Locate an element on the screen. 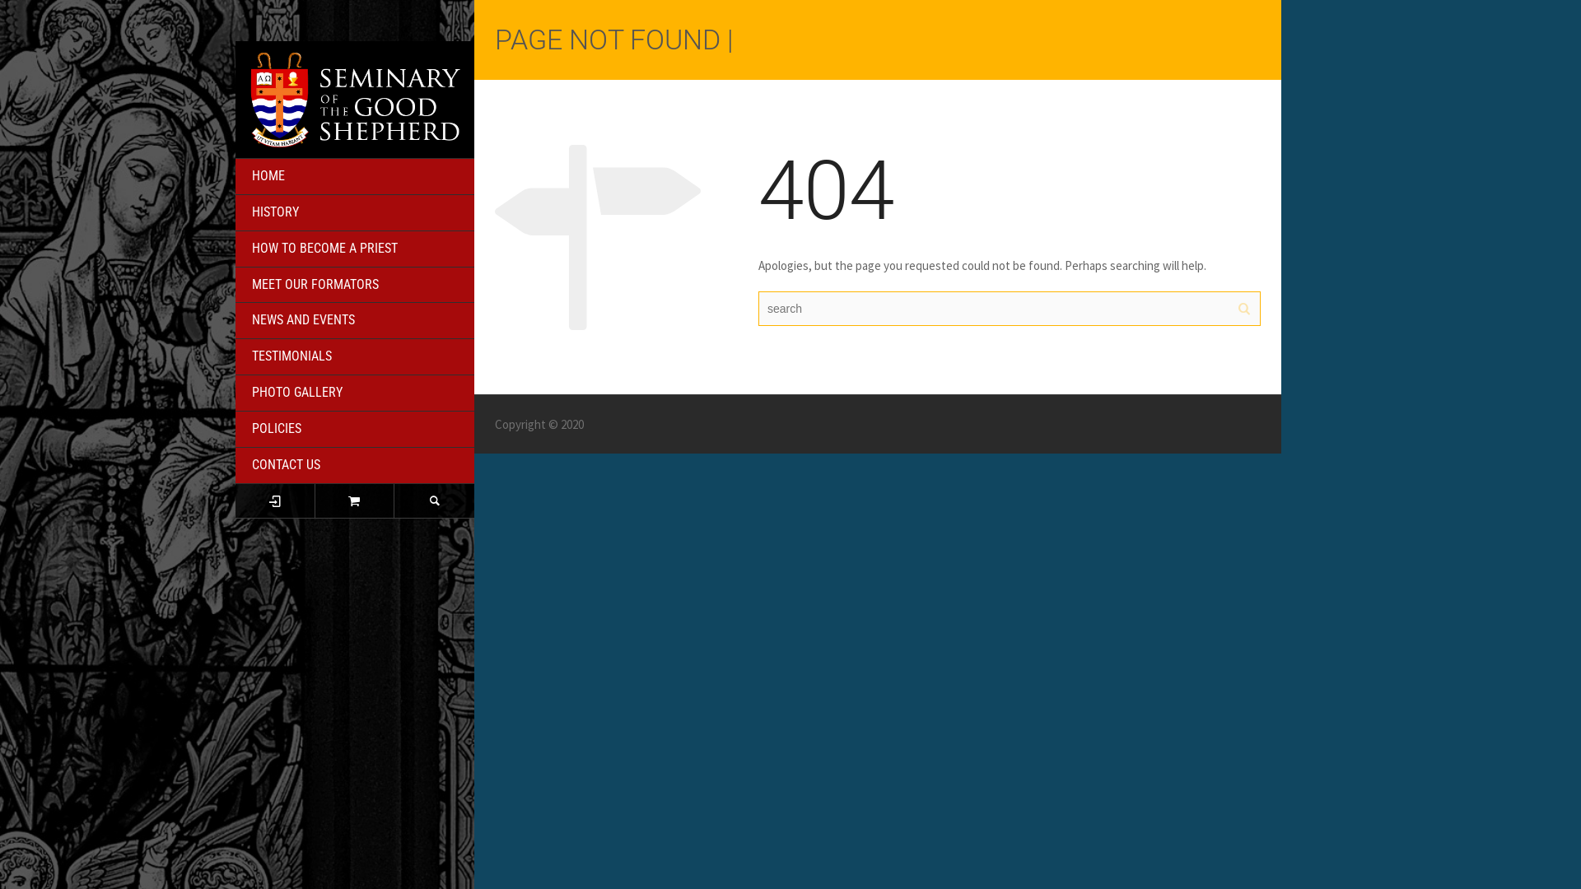 The image size is (1581, 889). 'MEET OUR FORMATORS' is located at coordinates (354, 285).